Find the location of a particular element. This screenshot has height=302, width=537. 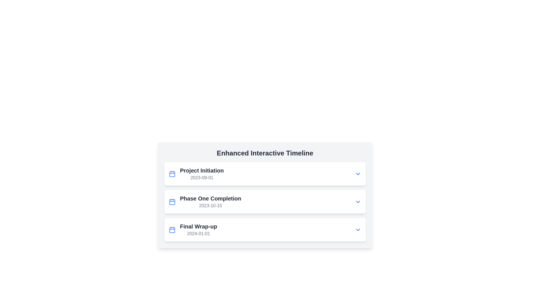

the Informational Card representing a specific phase of the timeline is located at coordinates (265, 195).